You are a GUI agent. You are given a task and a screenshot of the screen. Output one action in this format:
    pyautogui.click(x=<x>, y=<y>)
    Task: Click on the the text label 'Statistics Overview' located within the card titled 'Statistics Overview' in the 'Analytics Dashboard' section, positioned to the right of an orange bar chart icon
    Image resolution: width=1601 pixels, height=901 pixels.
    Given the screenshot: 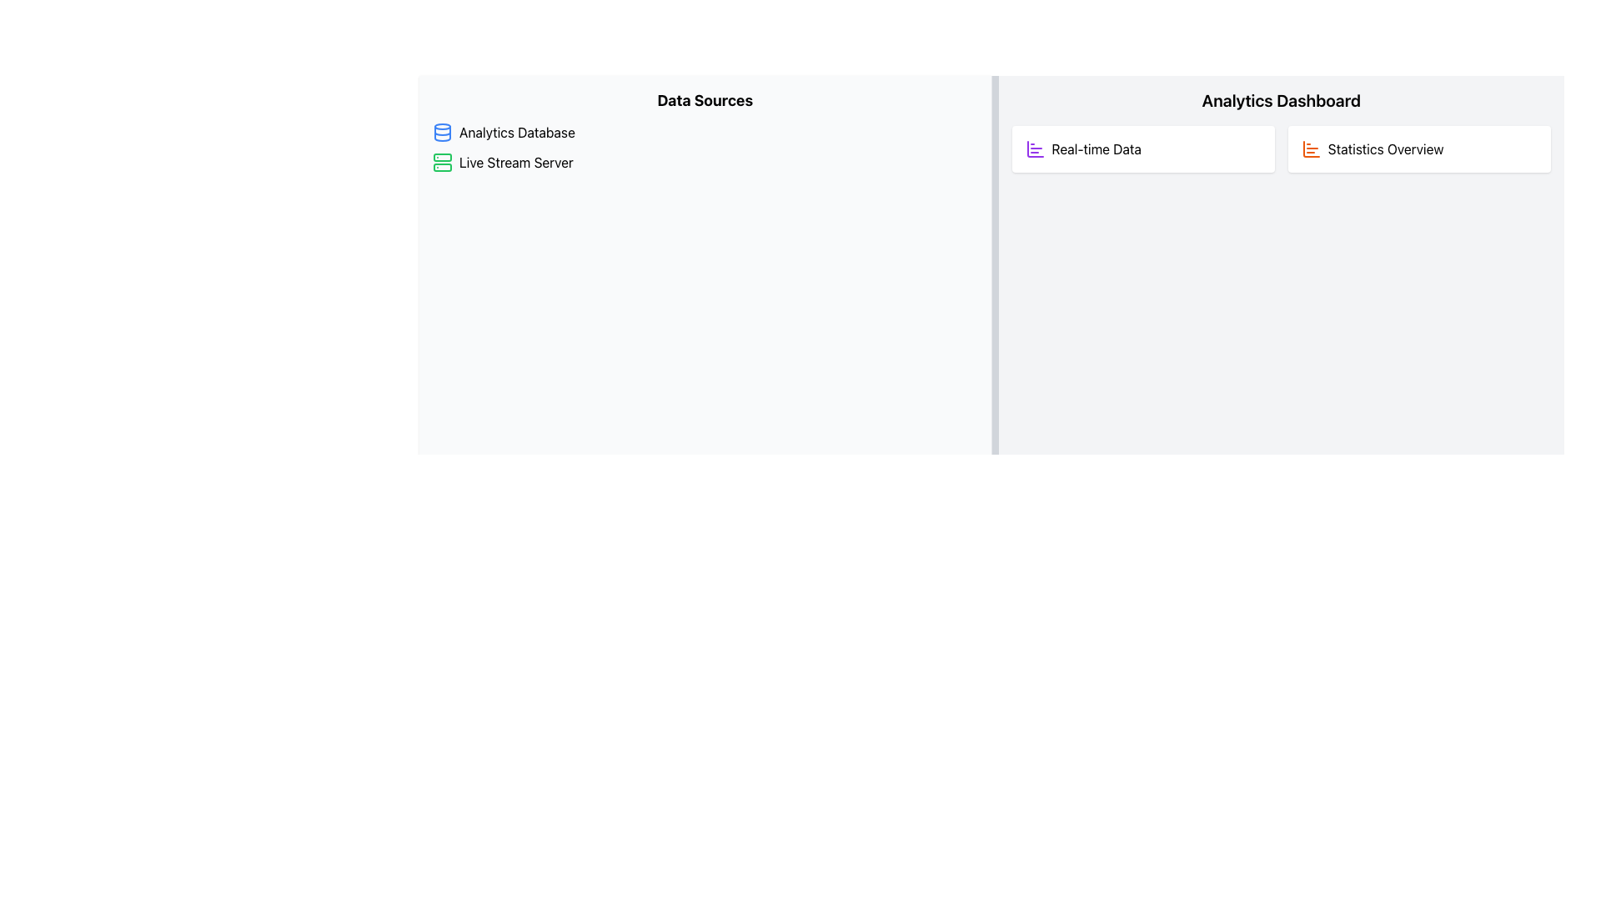 What is the action you would take?
    pyautogui.click(x=1386, y=148)
    